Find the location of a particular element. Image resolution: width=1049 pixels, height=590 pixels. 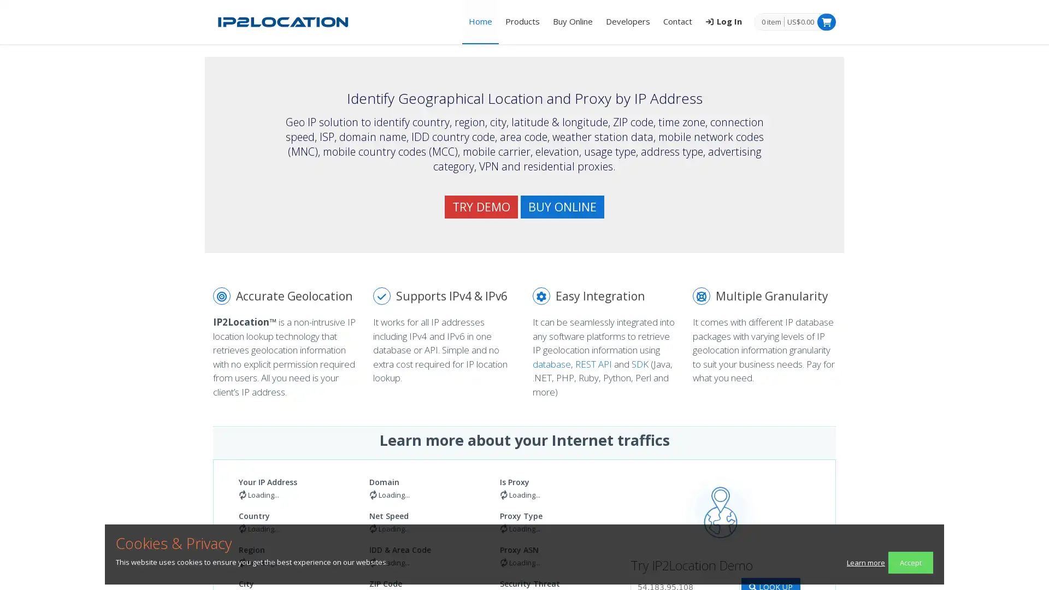

BUY ONLINE is located at coordinates (562, 206).